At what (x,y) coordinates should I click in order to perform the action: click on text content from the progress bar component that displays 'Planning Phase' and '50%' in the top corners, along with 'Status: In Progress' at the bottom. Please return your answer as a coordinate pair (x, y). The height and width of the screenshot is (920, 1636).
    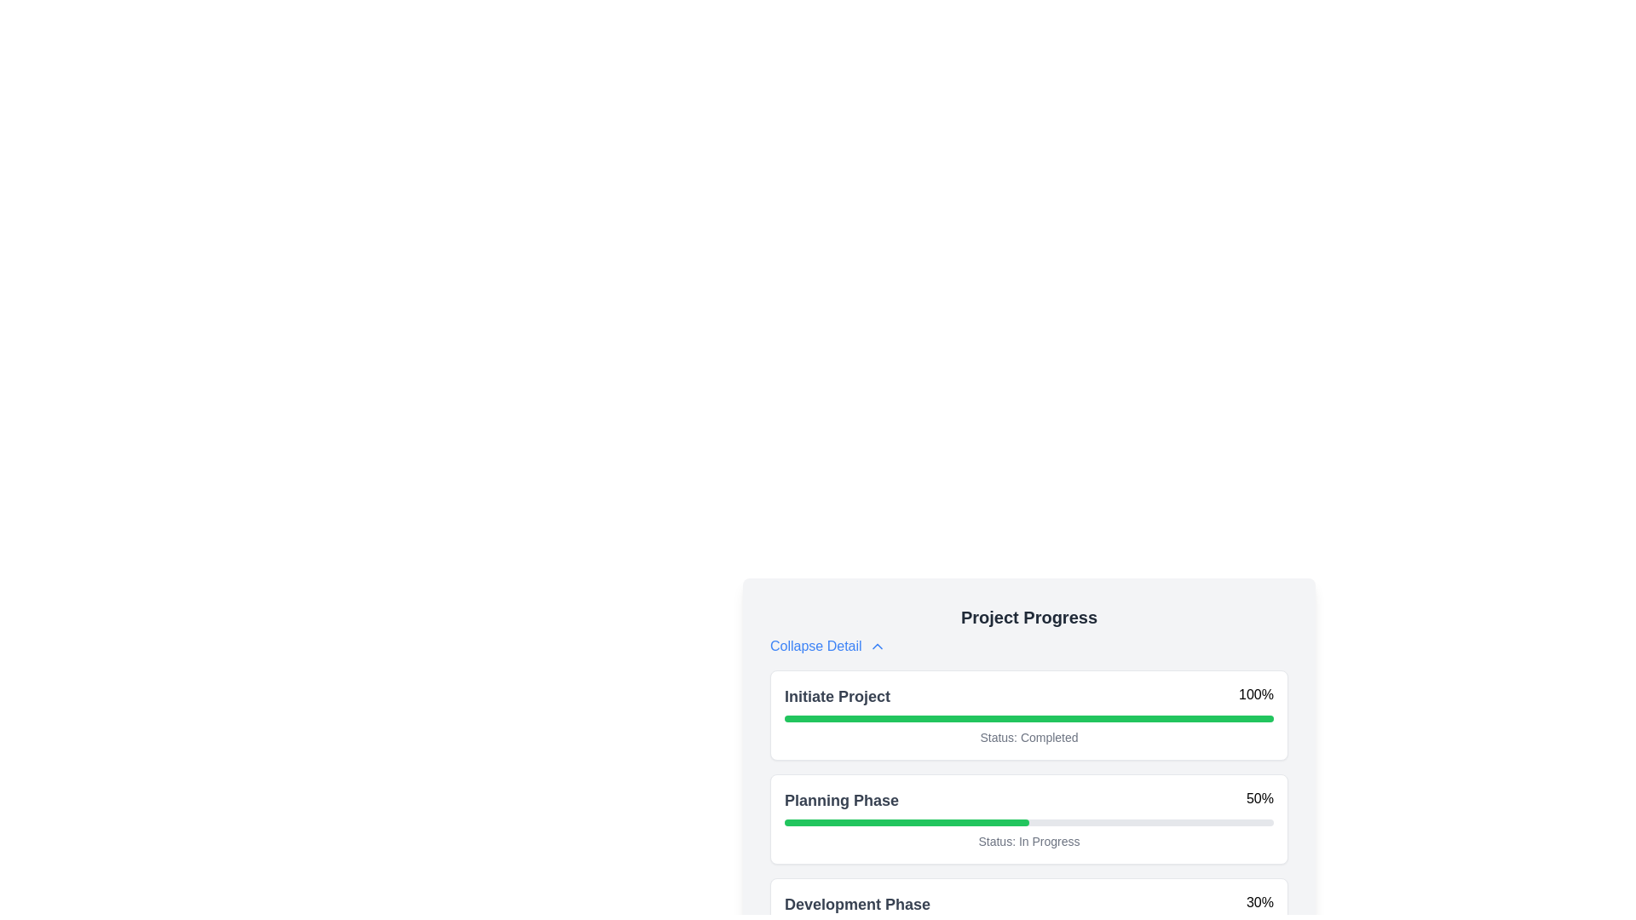
    Looking at the image, I should click on (1028, 818).